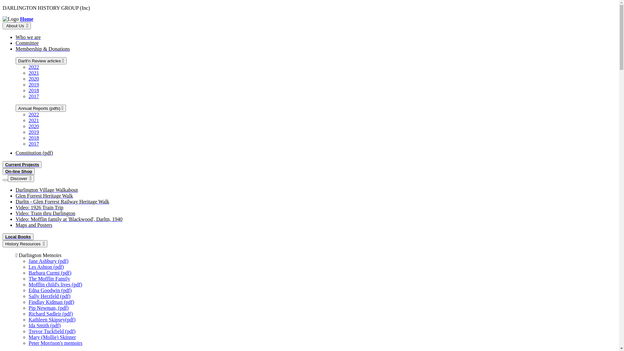 This screenshot has height=351, width=624. Describe the element at coordinates (16, 213) in the screenshot. I see `'Video: Train thru Darlington'` at that location.